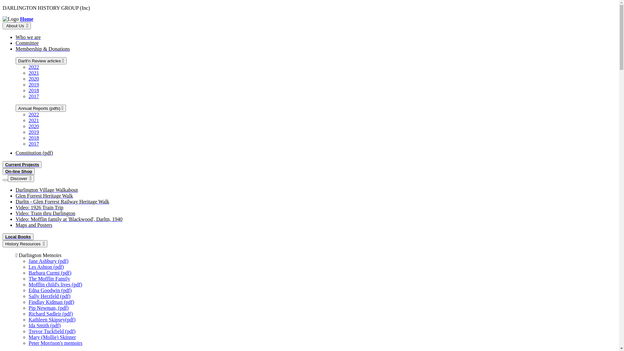 This screenshot has height=351, width=624. Describe the element at coordinates (16, 213) in the screenshot. I see `'Video: Train thru Darlington'` at that location.